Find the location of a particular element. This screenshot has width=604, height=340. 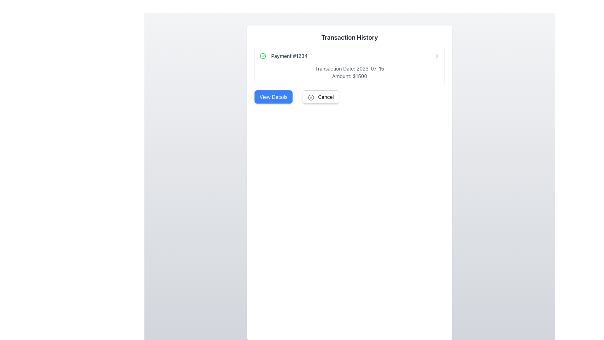

the blue rectangular button with rounded corners labeled 'View Details' is located at coordinates (273, 97).